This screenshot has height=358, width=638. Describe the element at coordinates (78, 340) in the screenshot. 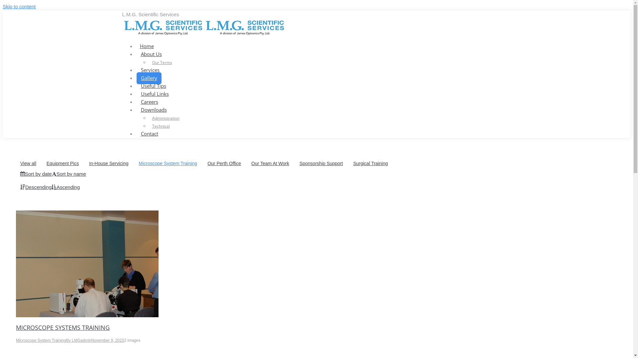

I see `'By LMGadmin'` at that location.